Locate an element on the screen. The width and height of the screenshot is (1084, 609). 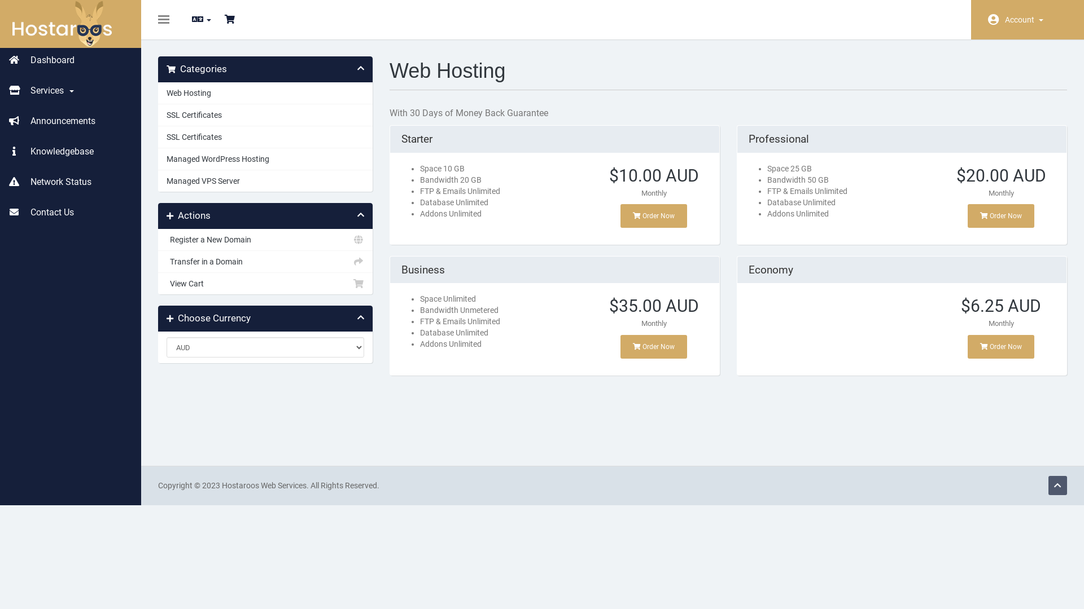
'Web Hosting' is located at coordinates (265, 92).